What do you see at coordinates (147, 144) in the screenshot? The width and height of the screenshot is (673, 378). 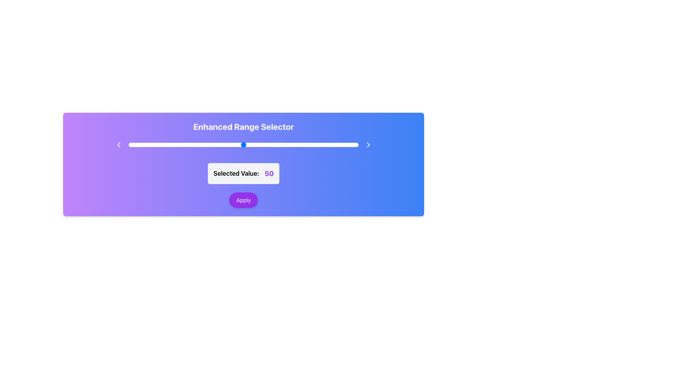 I see `the range slider` at bounding box center [147, 144].